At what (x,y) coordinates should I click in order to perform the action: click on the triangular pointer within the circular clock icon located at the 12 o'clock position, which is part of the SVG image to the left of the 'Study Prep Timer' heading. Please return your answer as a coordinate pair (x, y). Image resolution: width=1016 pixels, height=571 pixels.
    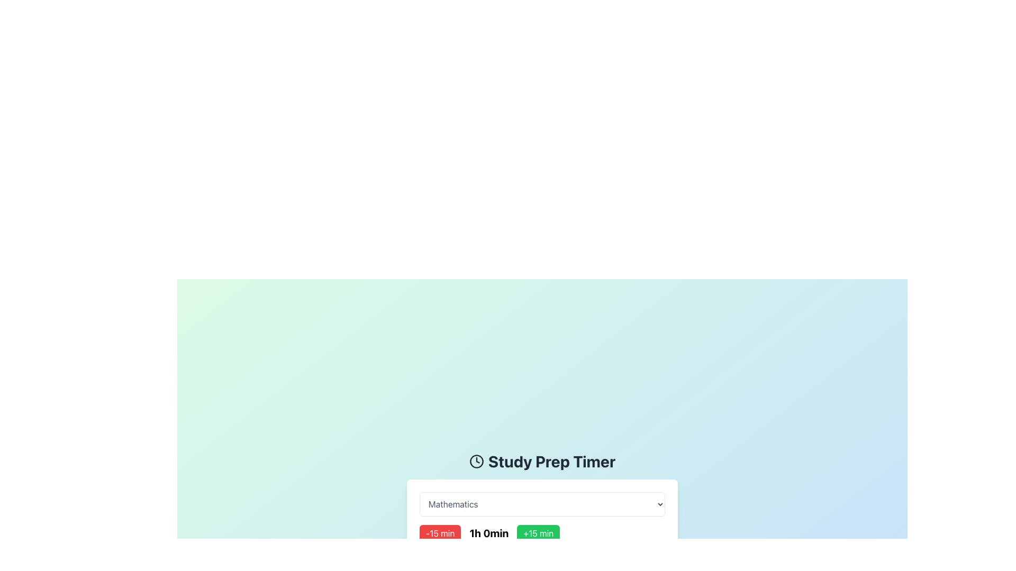
    Looking at the image, I should click on (477, 459).